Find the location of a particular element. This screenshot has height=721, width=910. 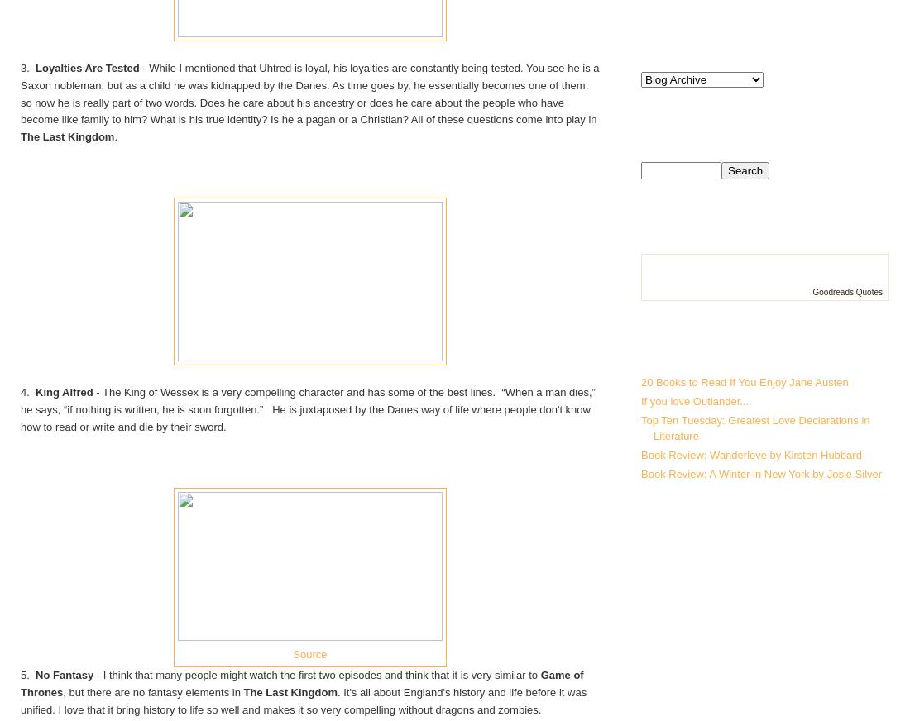

'.' is located at coordinates (113, 136).